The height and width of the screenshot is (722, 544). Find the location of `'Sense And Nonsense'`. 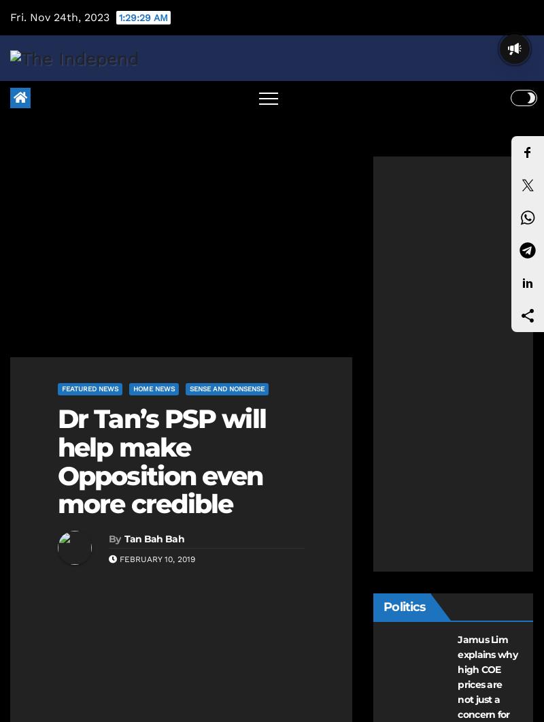

'Sense And Nonsense' is located at coordinates (227, 388).